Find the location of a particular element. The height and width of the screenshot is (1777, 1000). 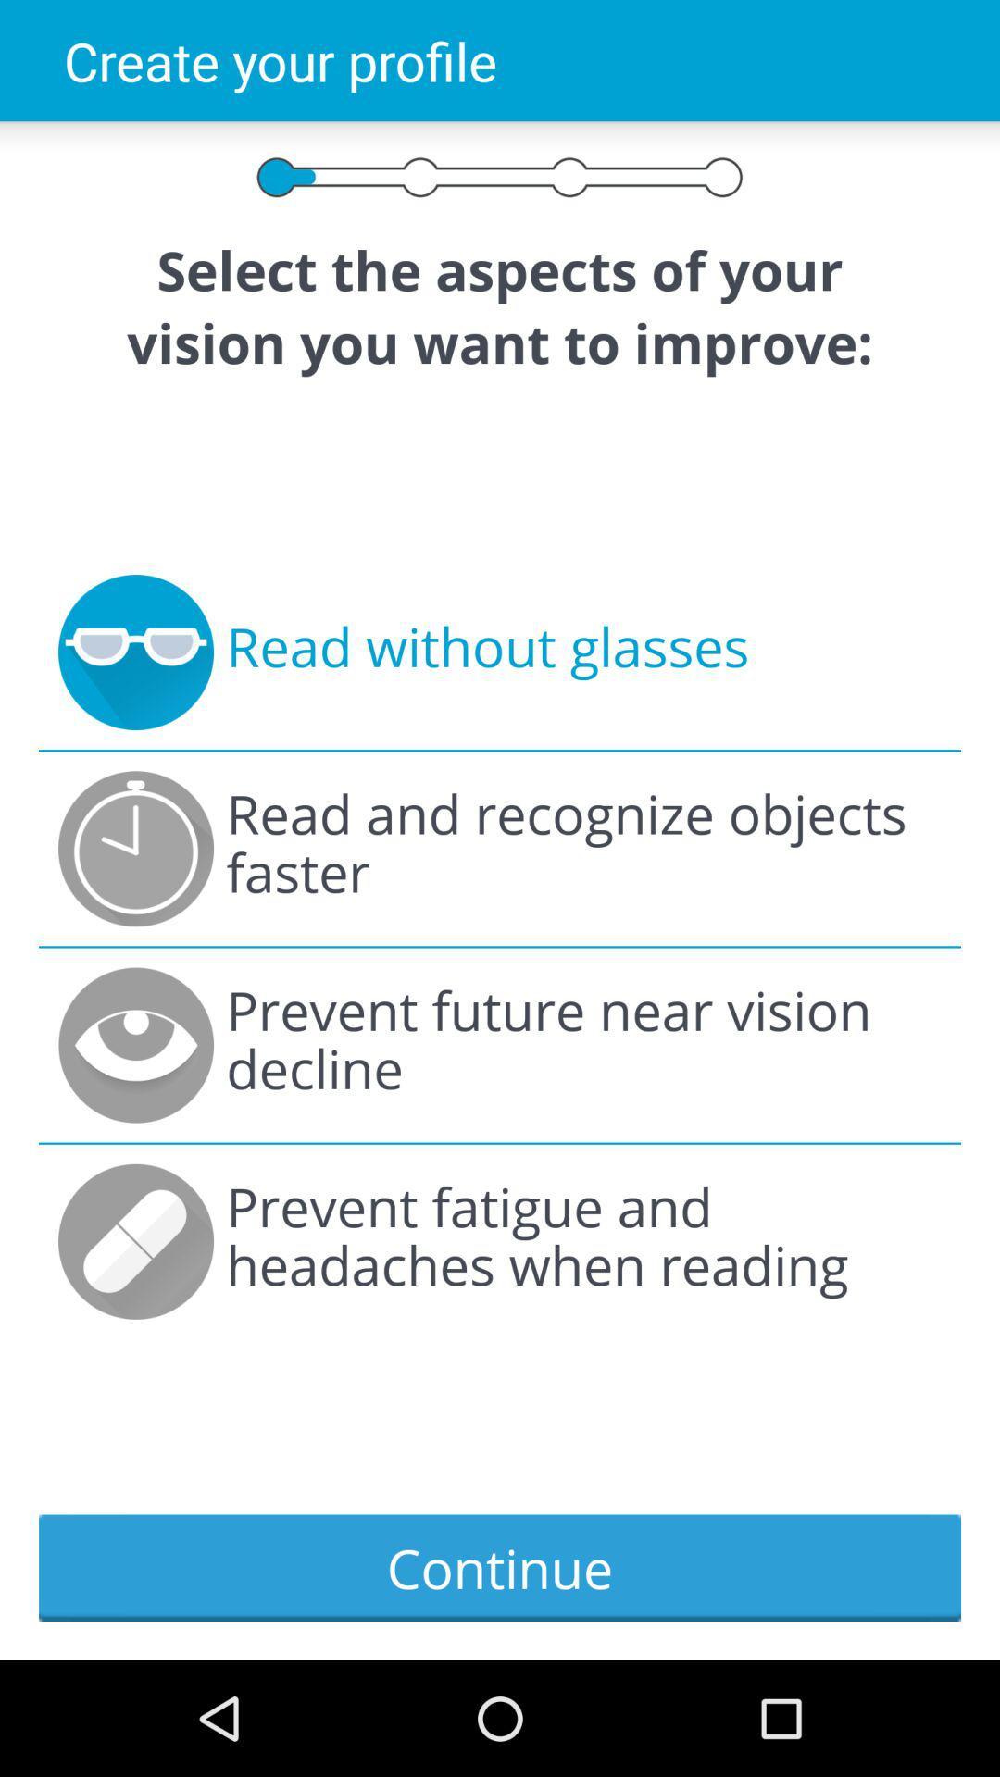

the item above prevent fatigue and item is located at coordinates (583, 1045).